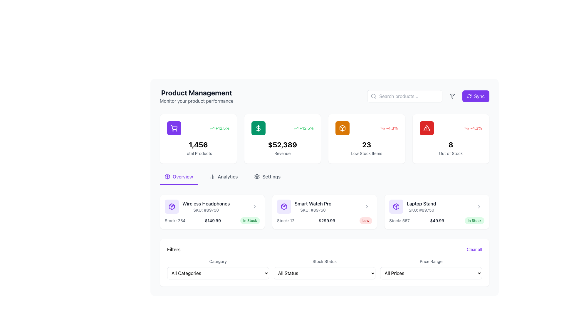 This screenshot has width=564, height=317. Describe the element at coordinates (366, 145) in the screenshot. I see `the value displayed by the text element showing '23' in bold, located in the middle of the dashboard card for 'Low Stock Items'` at that location.